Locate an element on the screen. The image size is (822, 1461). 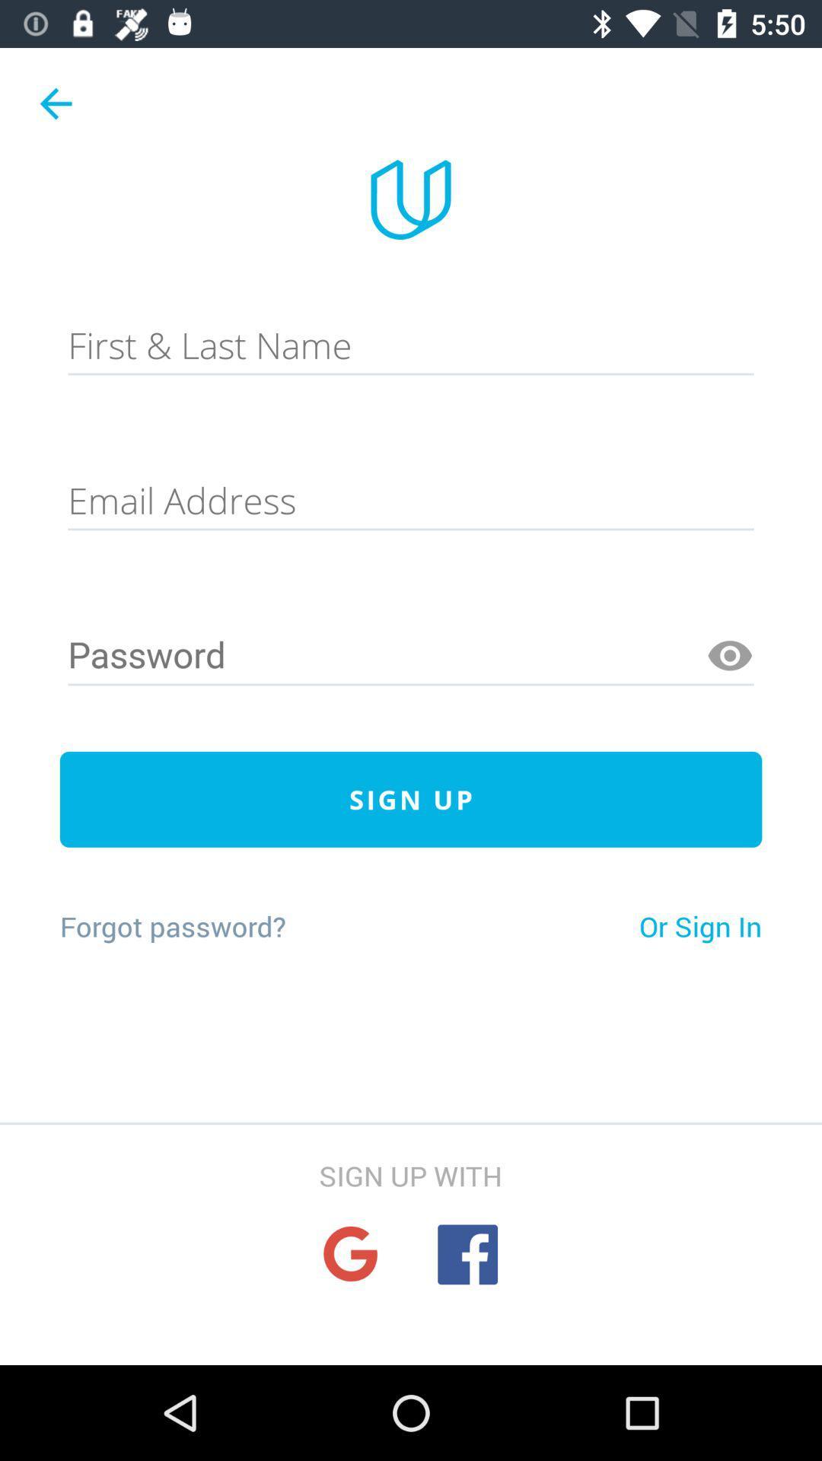
the forgot password? on the left is located at coordinates (172, 925).